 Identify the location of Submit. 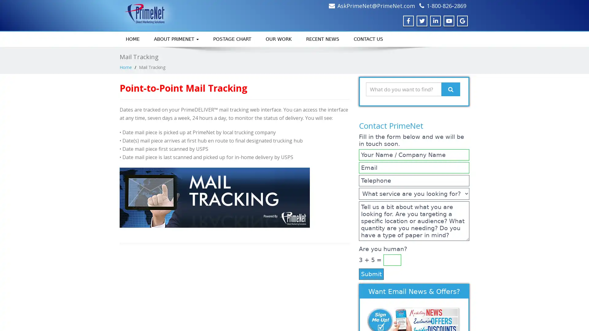
(371, 273).